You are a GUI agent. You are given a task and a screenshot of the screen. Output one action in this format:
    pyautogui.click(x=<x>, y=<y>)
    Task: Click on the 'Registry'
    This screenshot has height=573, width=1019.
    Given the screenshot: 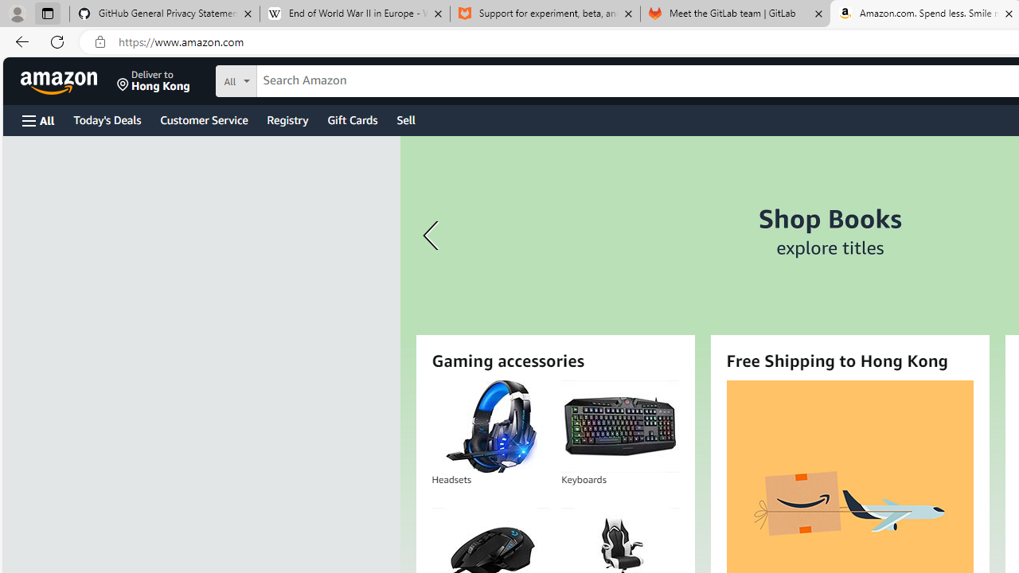 What is the action you would take?
    pyautogui.click(x=287, y=119)
    